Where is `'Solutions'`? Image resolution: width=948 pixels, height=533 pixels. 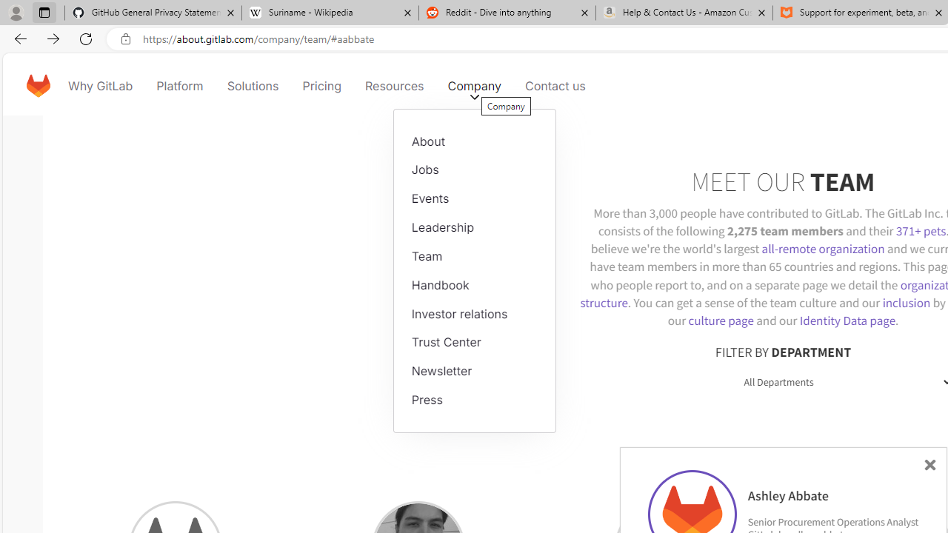
'Solutions' is located at coordinates (253, 85).